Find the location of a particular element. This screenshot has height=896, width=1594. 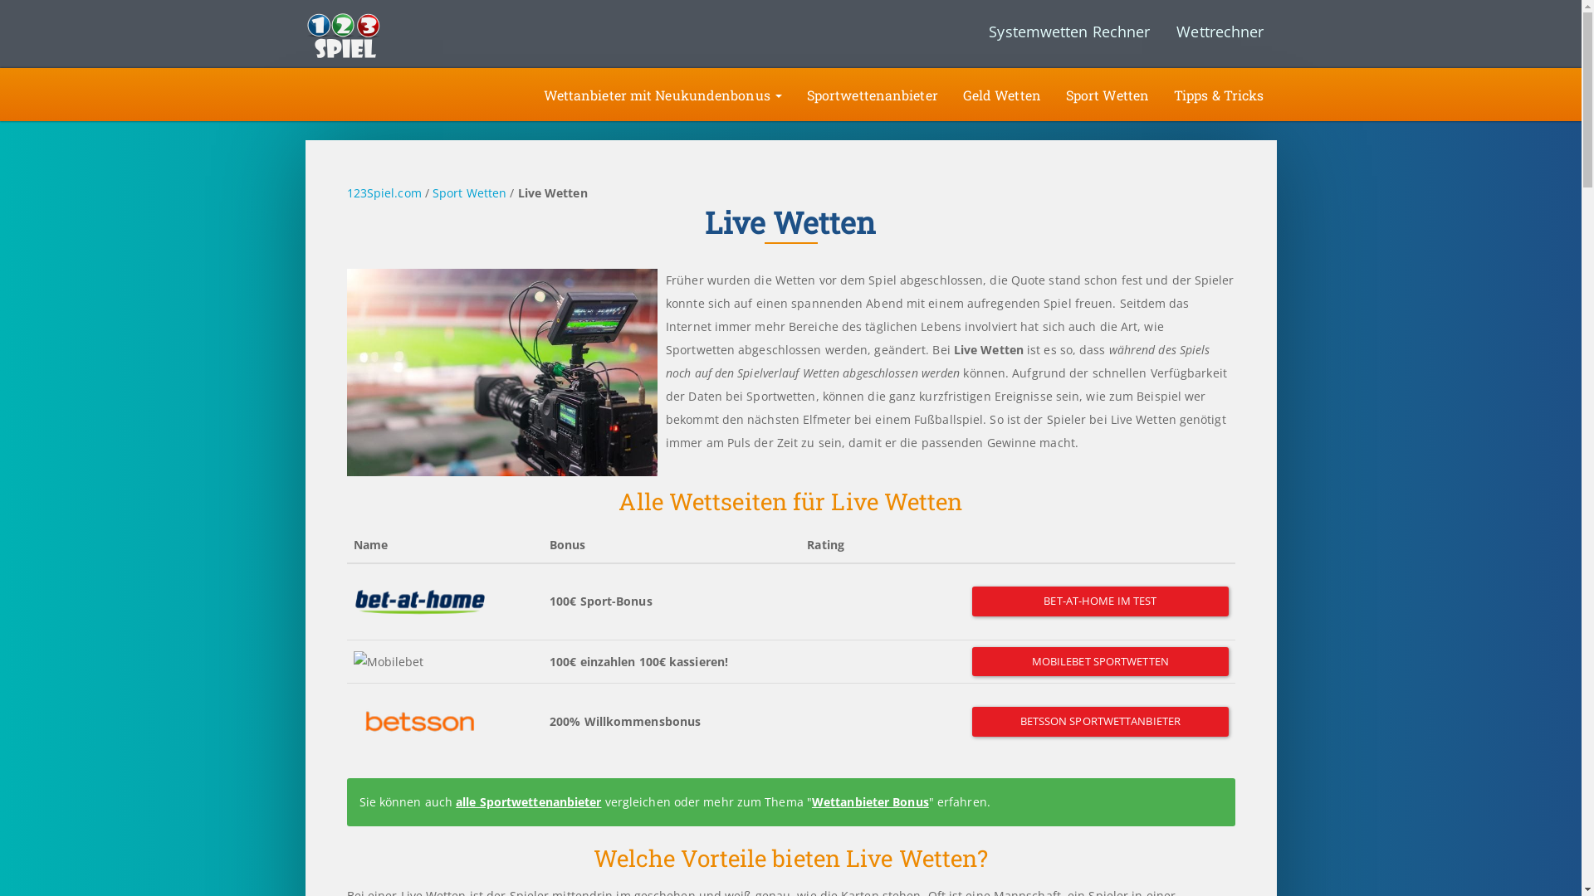

'BETSSON SPORTWETTANBIETER' is located at coordinates (1099, 721).